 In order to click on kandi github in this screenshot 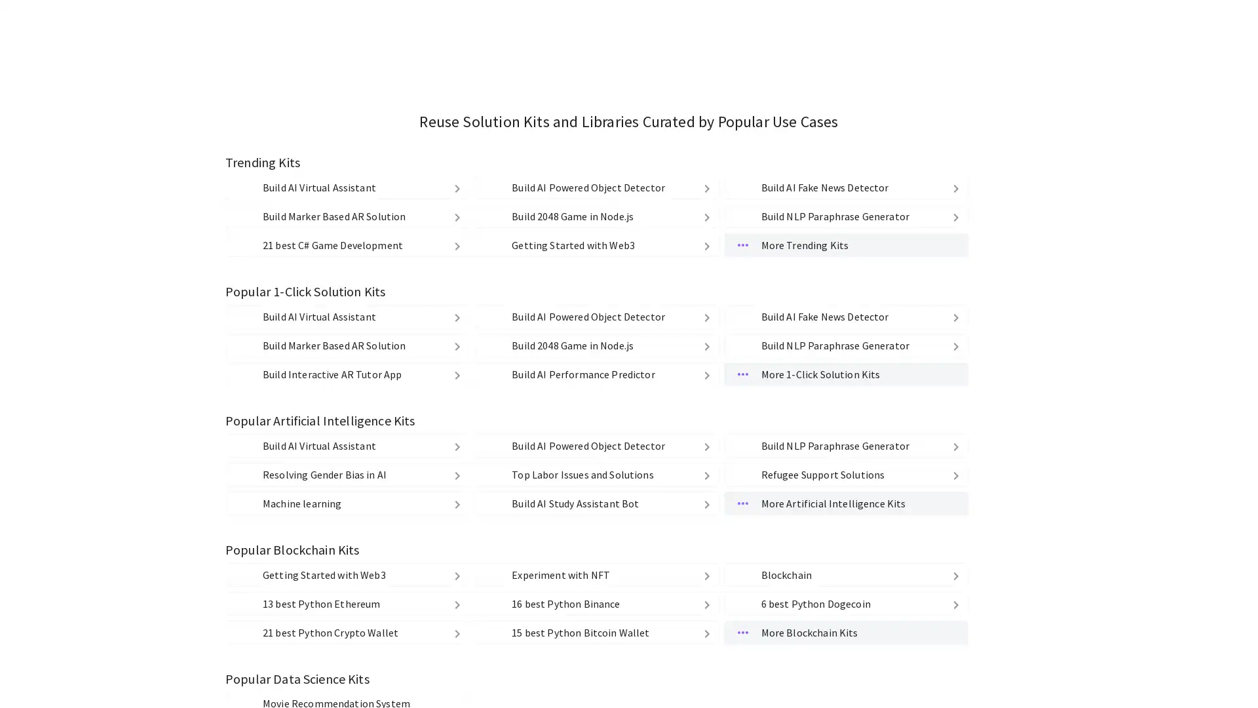, I will do `click(1197, 45)`.